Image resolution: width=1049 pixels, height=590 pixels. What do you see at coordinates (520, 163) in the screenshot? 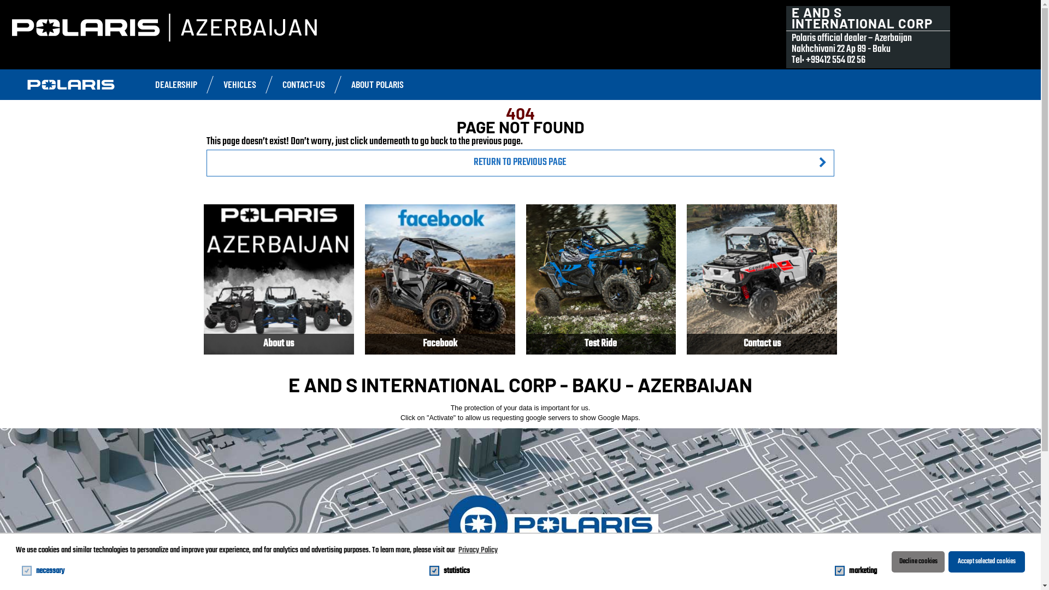
I see `'RETURN TO PREVIOUS PAGE'` at bounding box center [520, 163].